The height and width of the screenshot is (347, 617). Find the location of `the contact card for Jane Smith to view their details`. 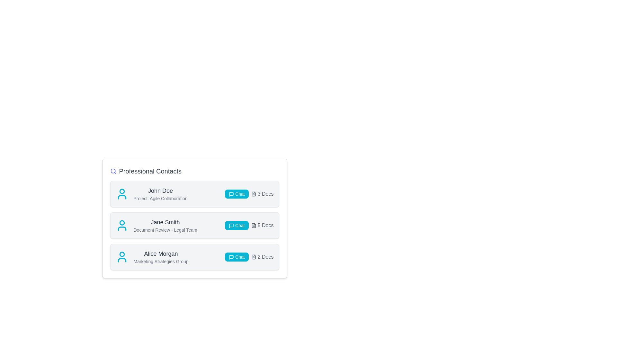

the contact card for Jane Smith to view their details is located at coordinates (194, 225).